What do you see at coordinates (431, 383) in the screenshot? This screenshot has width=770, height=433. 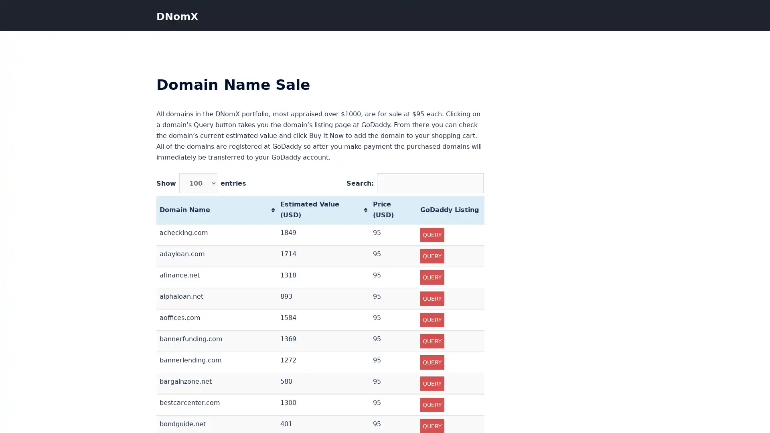 I see `QUERY` at bounding box center [431, 383].